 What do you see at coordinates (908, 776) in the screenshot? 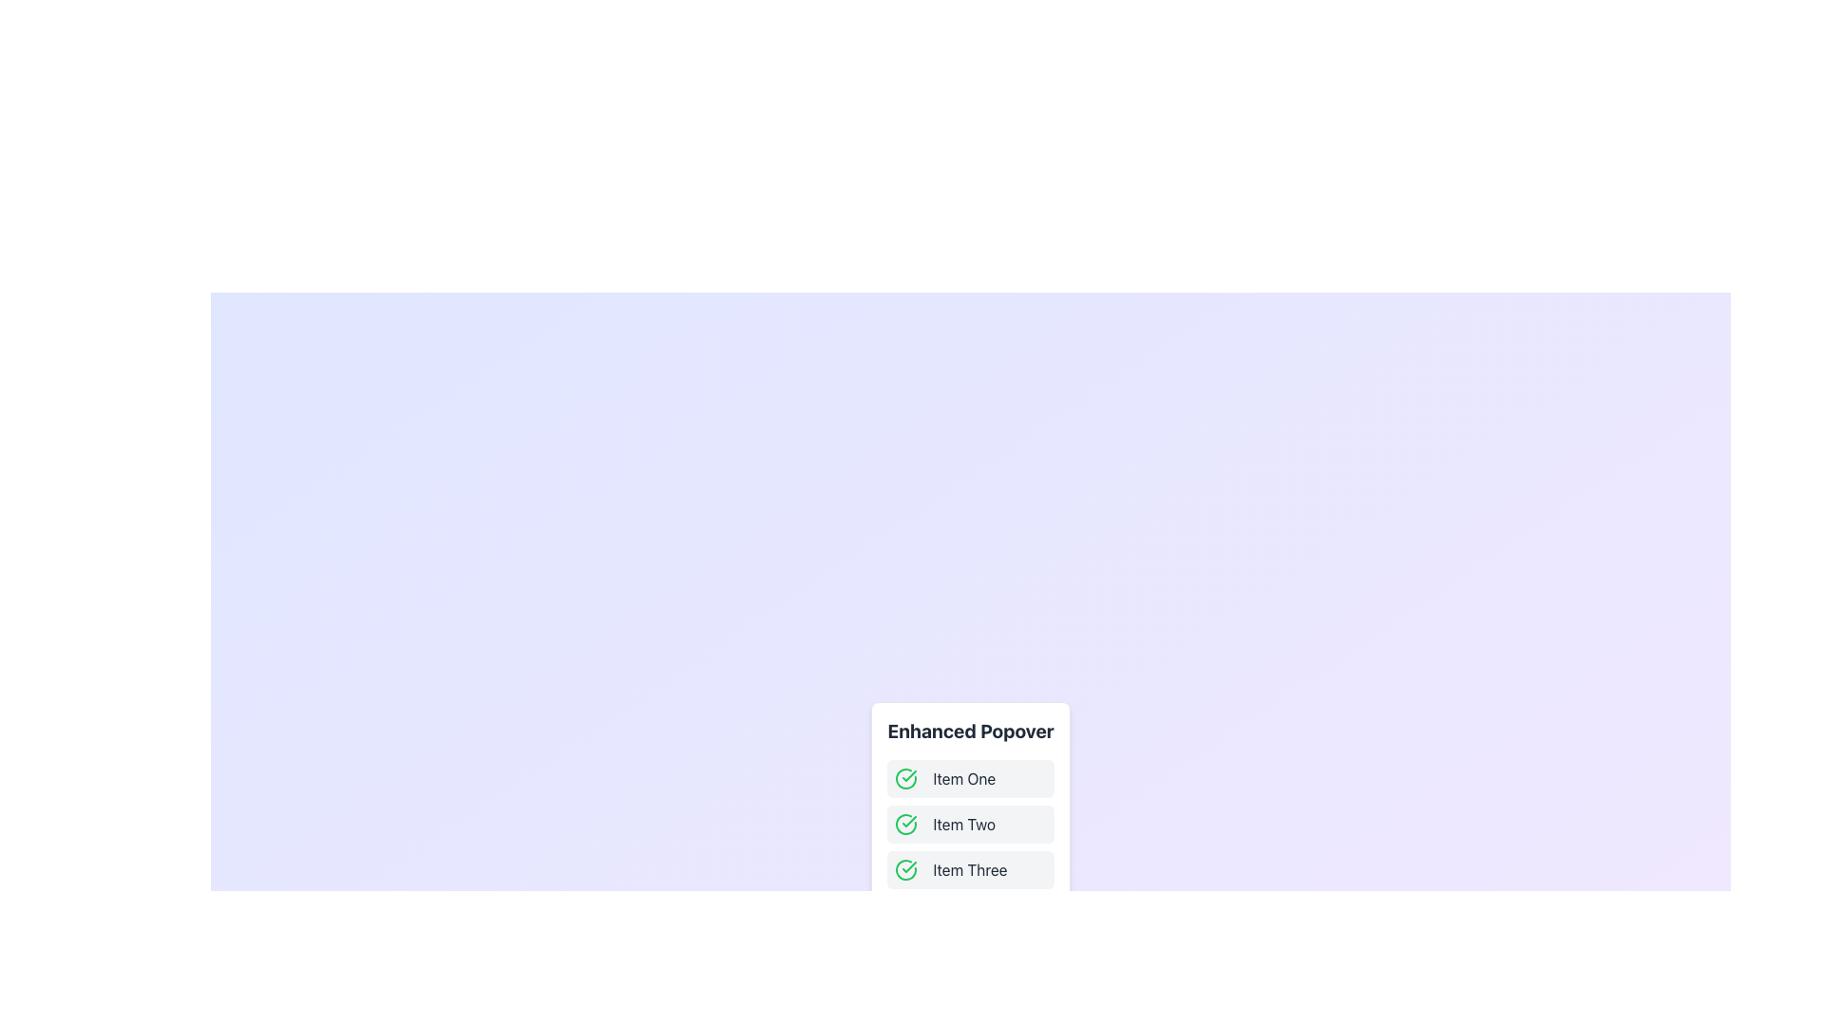
I see `the check mark icon located to the left of the second item in a vertical list within a popover panel, which serves as a visual indicator for marking an item as completed` at bounding box center [908, 776].